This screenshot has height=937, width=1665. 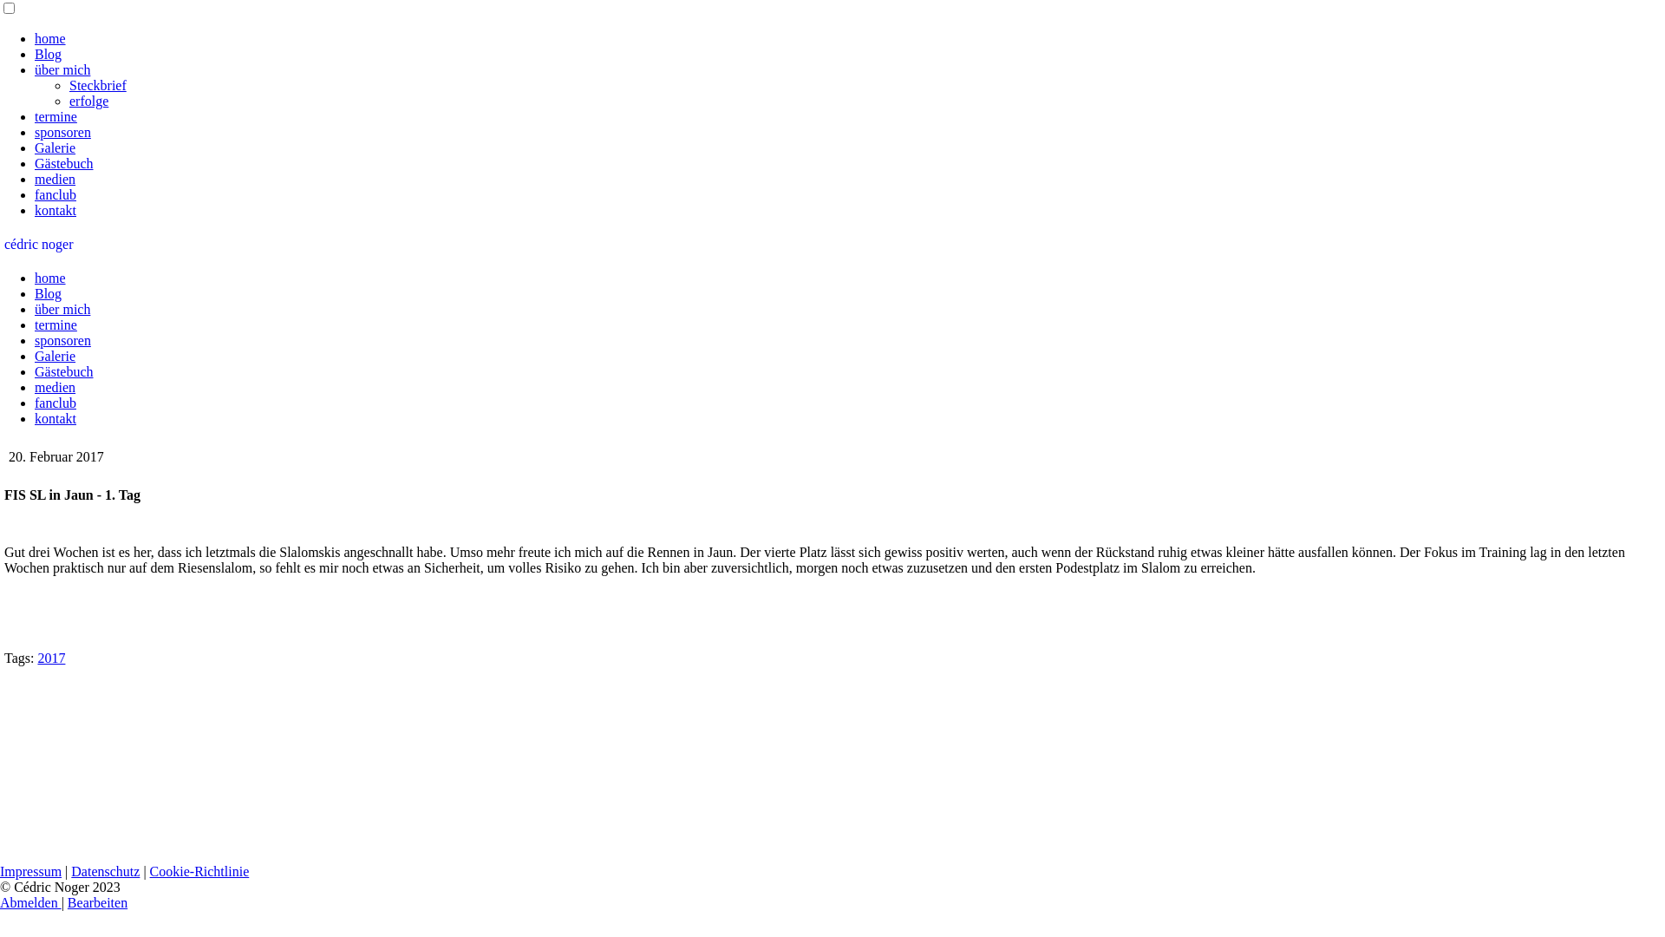 What do you see at coordinates (149, 871) in the screenshot?
I see `'Cookie-Richtlinie'` at bounding box center [149, 871].